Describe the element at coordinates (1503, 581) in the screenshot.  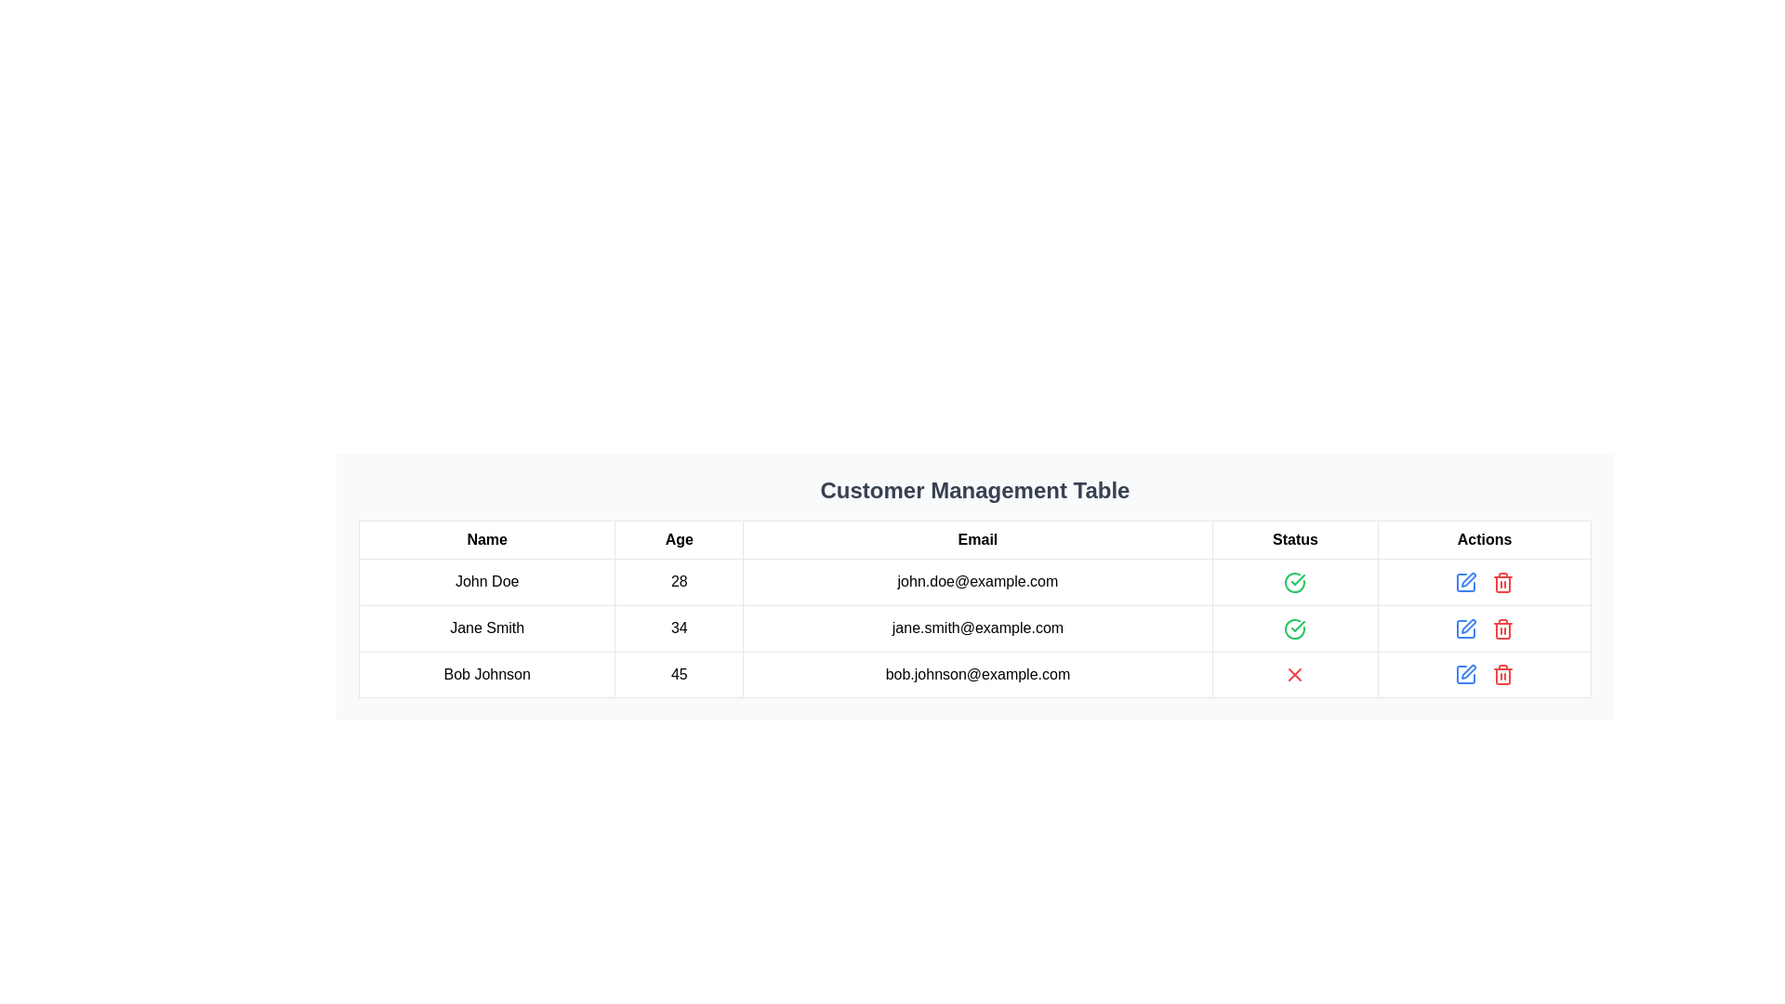
I see `the red trash icon button located in the 'Actions' column for the third row corresponding to 'Bob Johnson'` at that location.